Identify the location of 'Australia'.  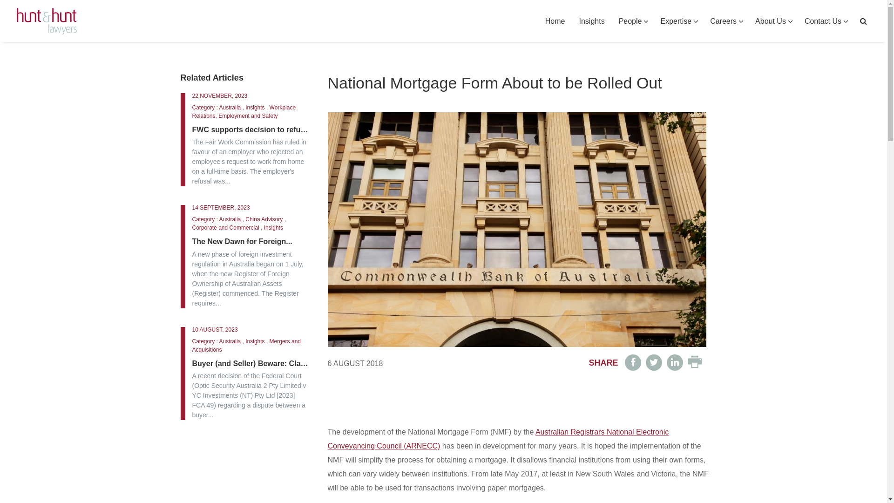
(230, 219).